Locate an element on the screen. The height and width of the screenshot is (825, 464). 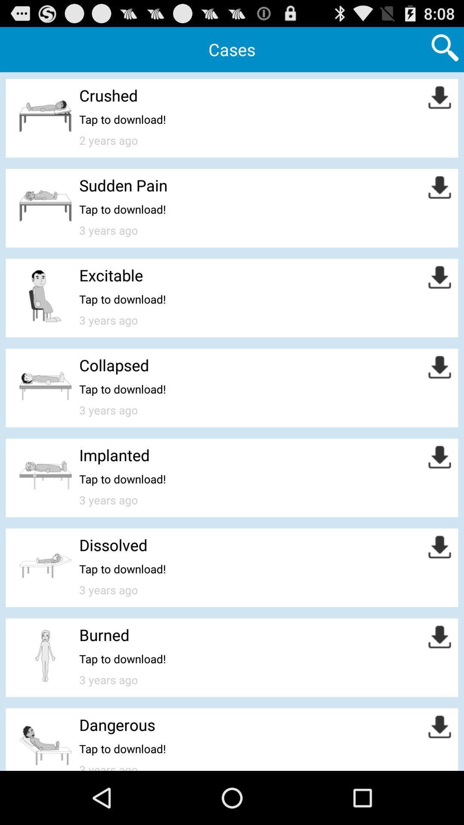
the icon above tap to download! item is located at coordinates (104, 635).